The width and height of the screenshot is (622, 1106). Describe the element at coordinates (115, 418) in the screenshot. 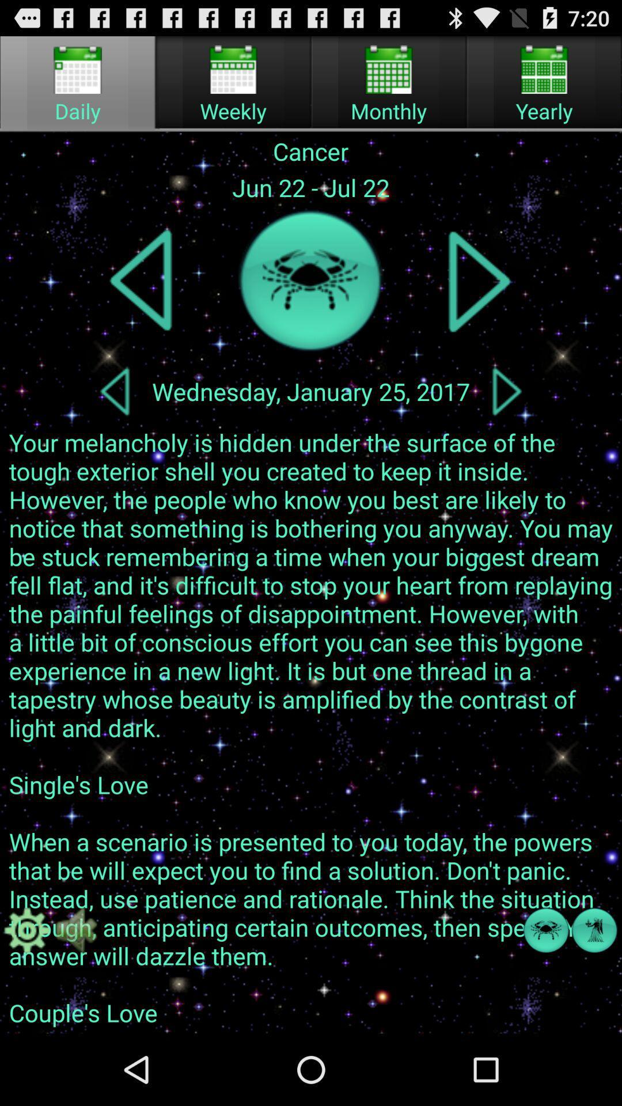

I see `the arrow_backward icon` at that location.